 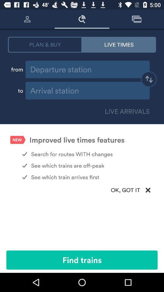 What do you see at coordinates (87, 90) in the screenshot?
I see `write arrival station` at bounding box center [87, 90].